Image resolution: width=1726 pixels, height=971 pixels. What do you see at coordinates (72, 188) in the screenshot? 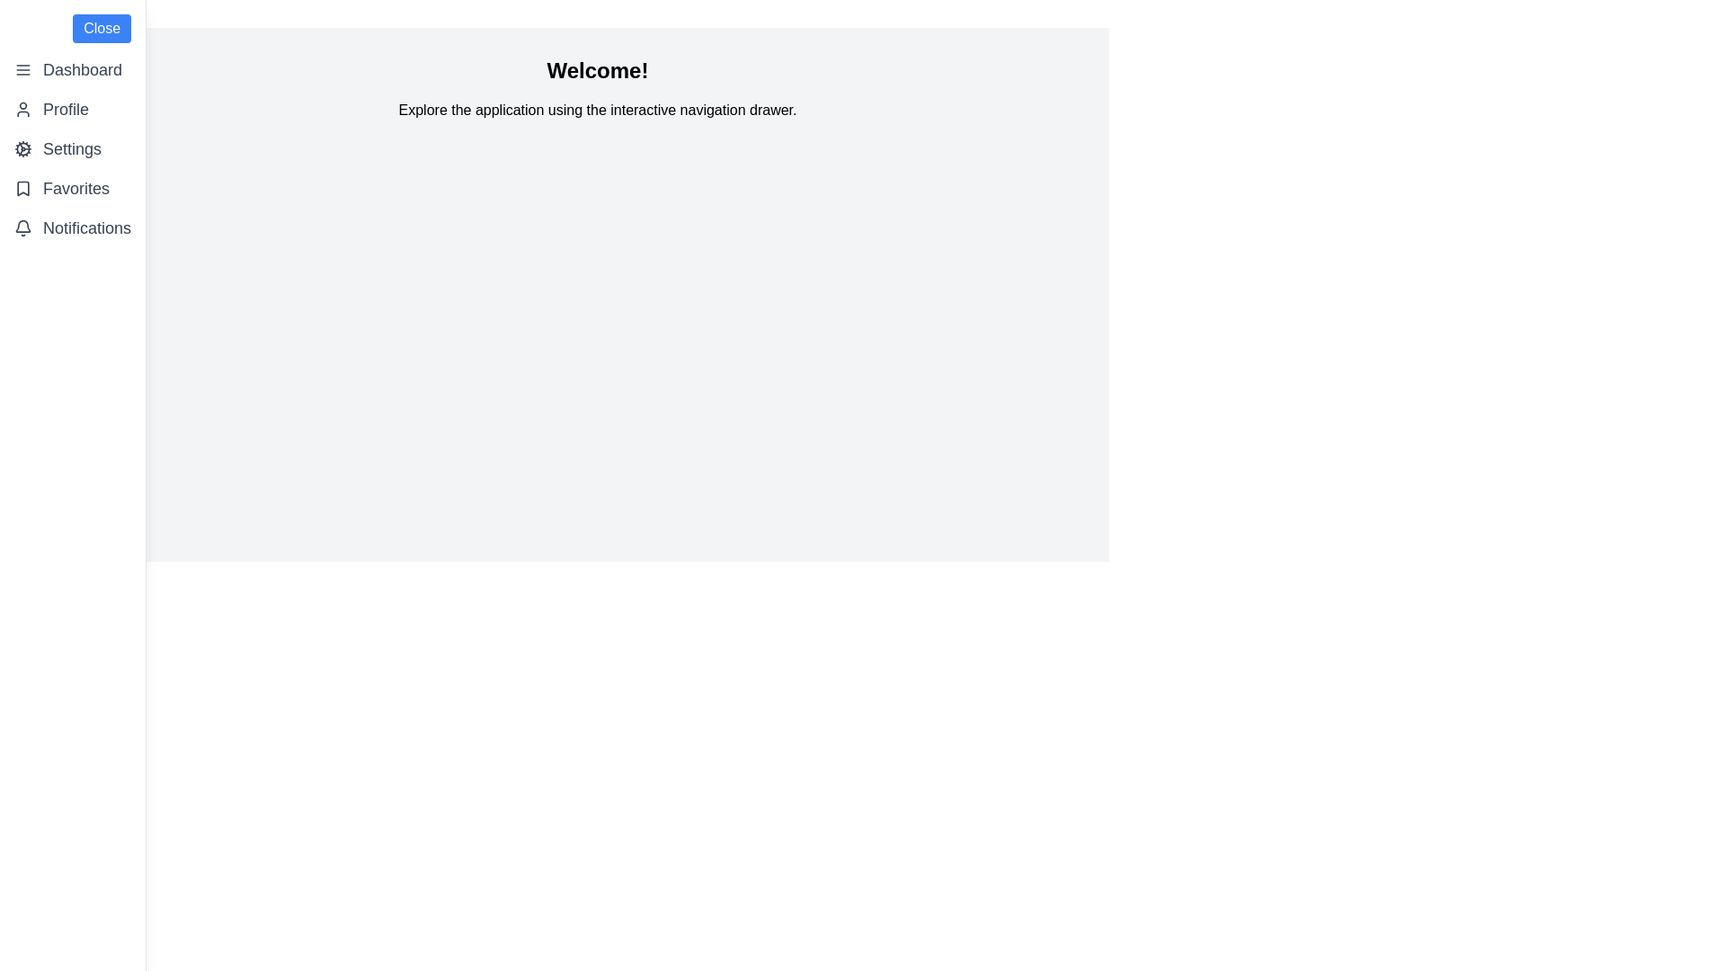
I see `the navigation item Favorites` at bounding box center [72, 188].